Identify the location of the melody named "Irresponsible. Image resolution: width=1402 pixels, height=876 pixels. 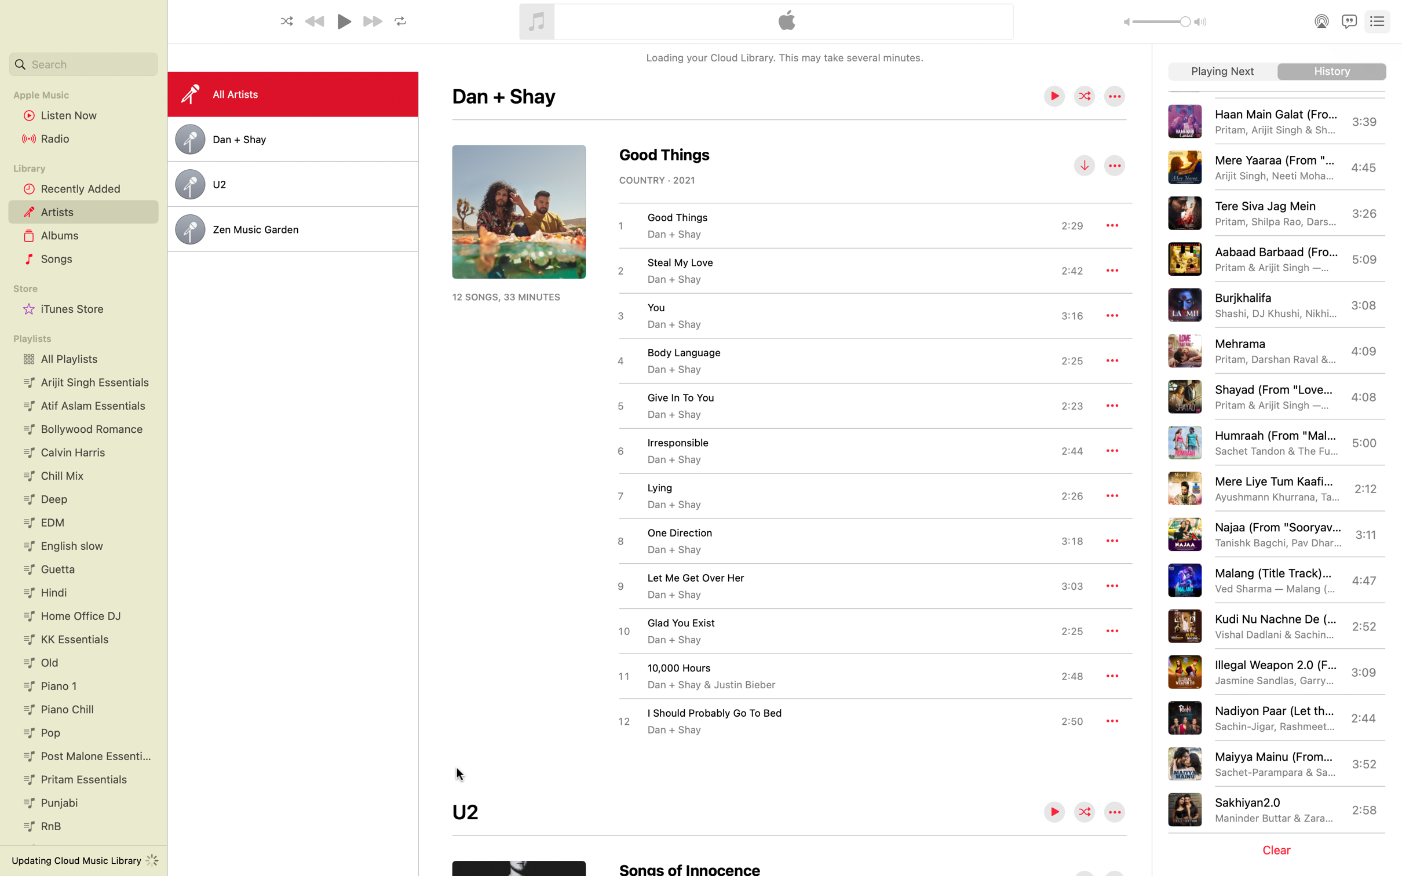
(849, 450).